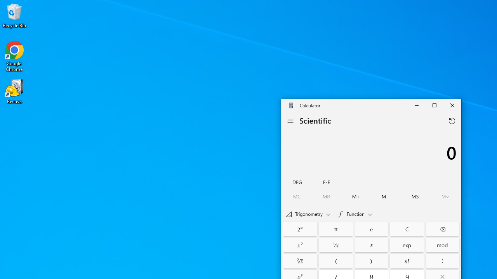 Image resolution: width=497 pixels, height=279 pixels. What do you see at coordinates (434, 105) in the screenshot?
I see `'Maximize Calculator'` at bounding box center [434, 105].